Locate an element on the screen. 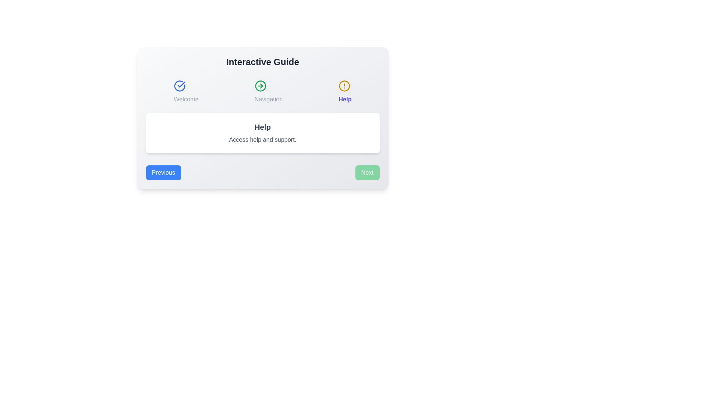 The image size is (719, 404). the verification icon located at the top left of the 'Interactive Guide' card, above the 'Previous' button is located at coordinates (181, 84).